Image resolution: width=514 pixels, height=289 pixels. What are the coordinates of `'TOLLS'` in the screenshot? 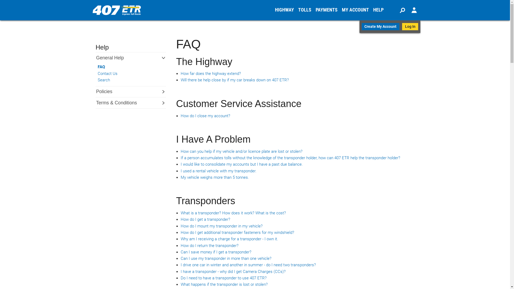 It's located at (305, 10).